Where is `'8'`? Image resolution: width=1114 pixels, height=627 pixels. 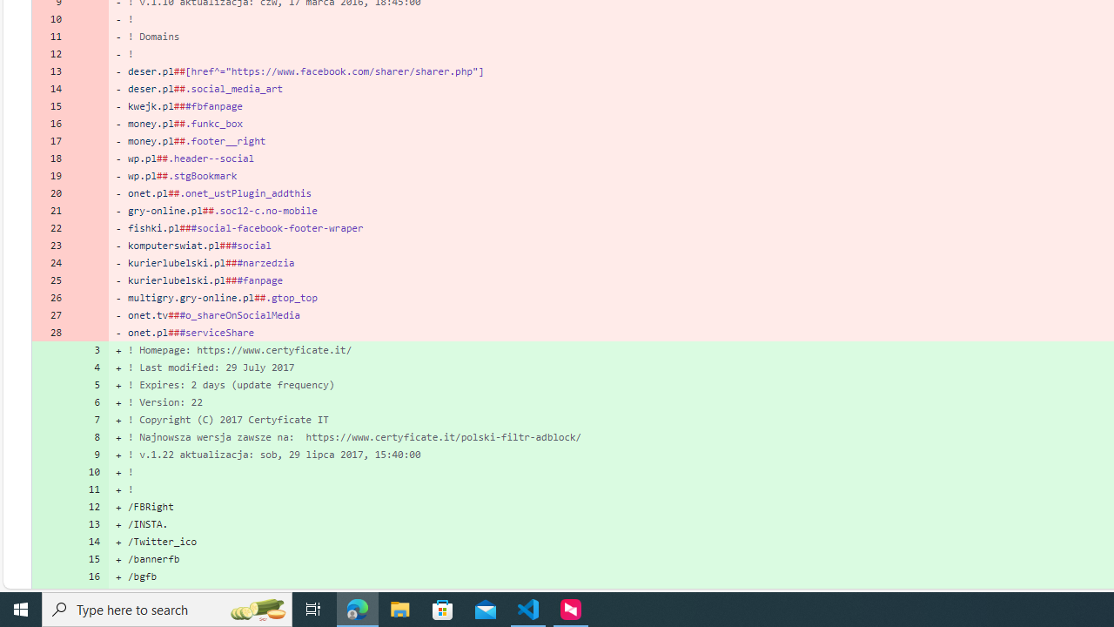
'8' is located at coordinates (89, 435).